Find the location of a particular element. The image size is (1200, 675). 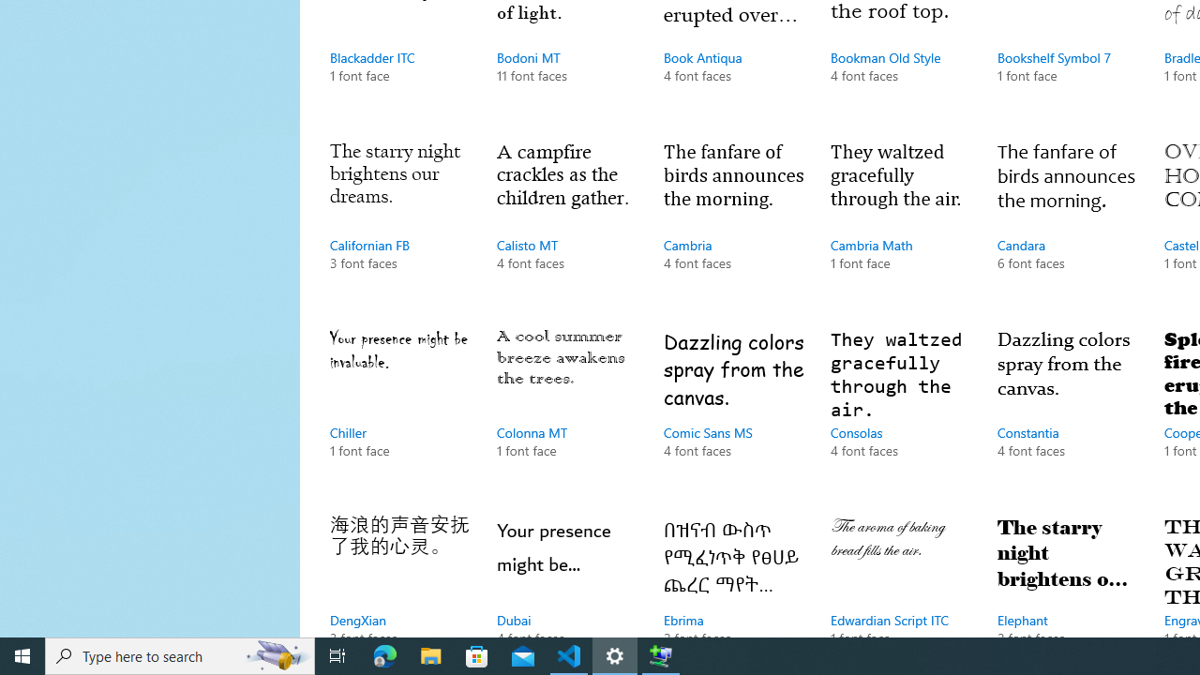

'Candara, 6 font faces' is located at coordinates (1068, 223).